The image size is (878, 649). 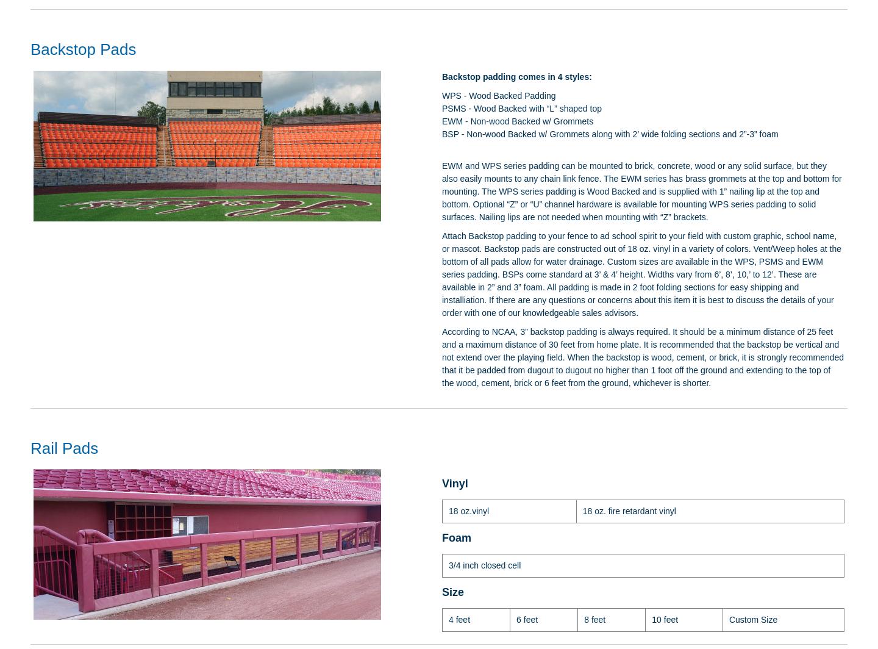 What do you see at coordinates (643, 356) in the screenshot?
I see `'According to NCAA, 3” backstop padding is always required. It should be a minimum distance of 25 feet and a maximum distance of 30 feet from home plate. It is recommended that the backstop be vertical and not extend over the playing field. When the backstop is wood, cement, or brick, it is strongly recommended that it be padded from dugout to dugout no higher than 1 foot off the ground and extending to the top of the wood, cement, brick or 6 feet from the ground, whichever is shorter.'` at bounding box center [643, 356].